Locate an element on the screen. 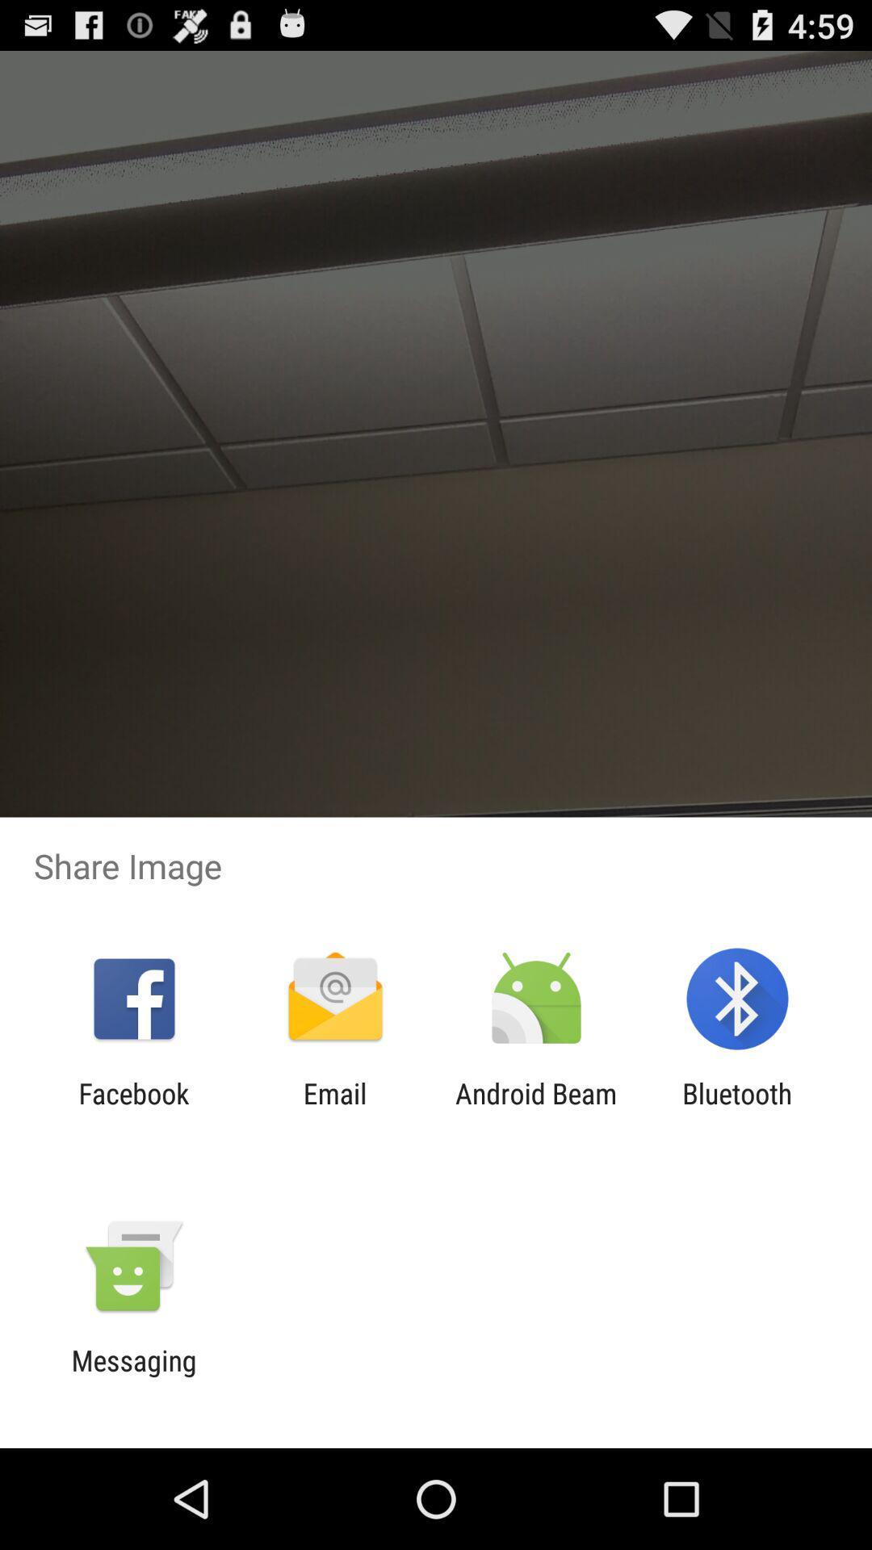 This screenshot has height=1550, width=872. the icon next to the email icon is located at coordinates (133, 1109).